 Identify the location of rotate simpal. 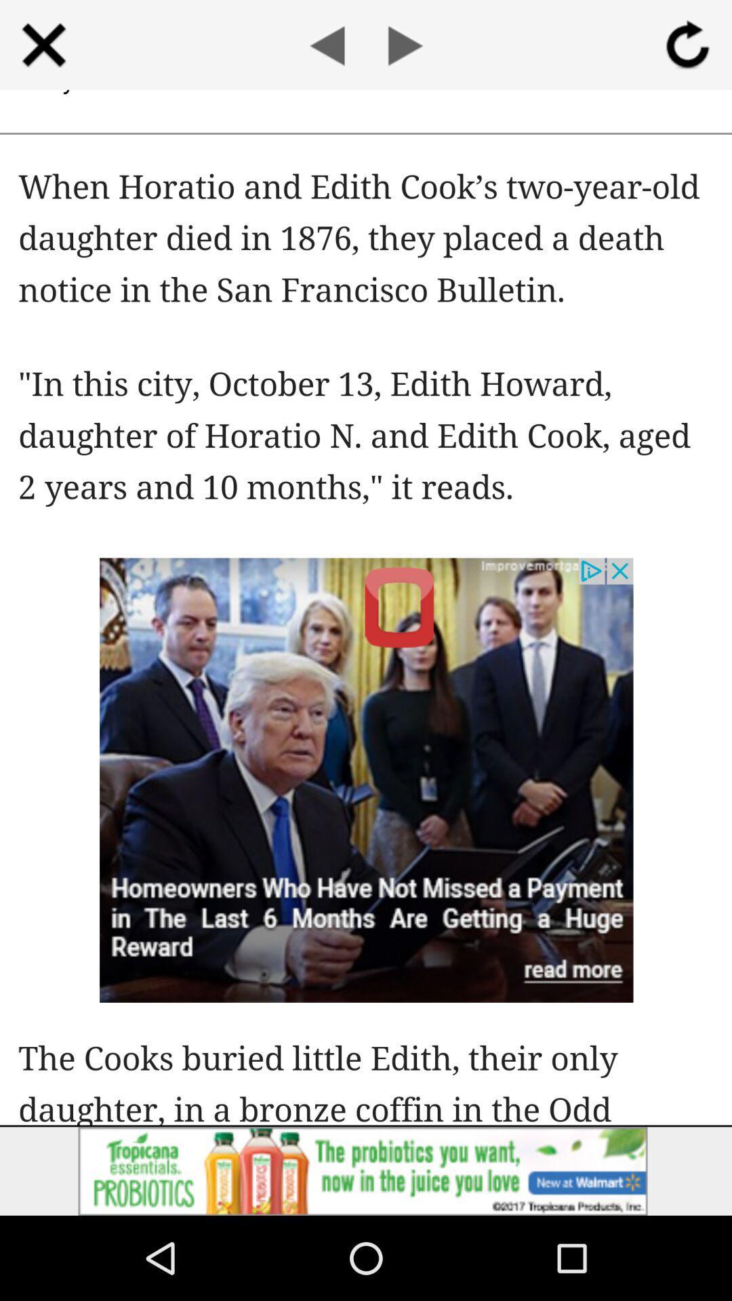
(688, 45).